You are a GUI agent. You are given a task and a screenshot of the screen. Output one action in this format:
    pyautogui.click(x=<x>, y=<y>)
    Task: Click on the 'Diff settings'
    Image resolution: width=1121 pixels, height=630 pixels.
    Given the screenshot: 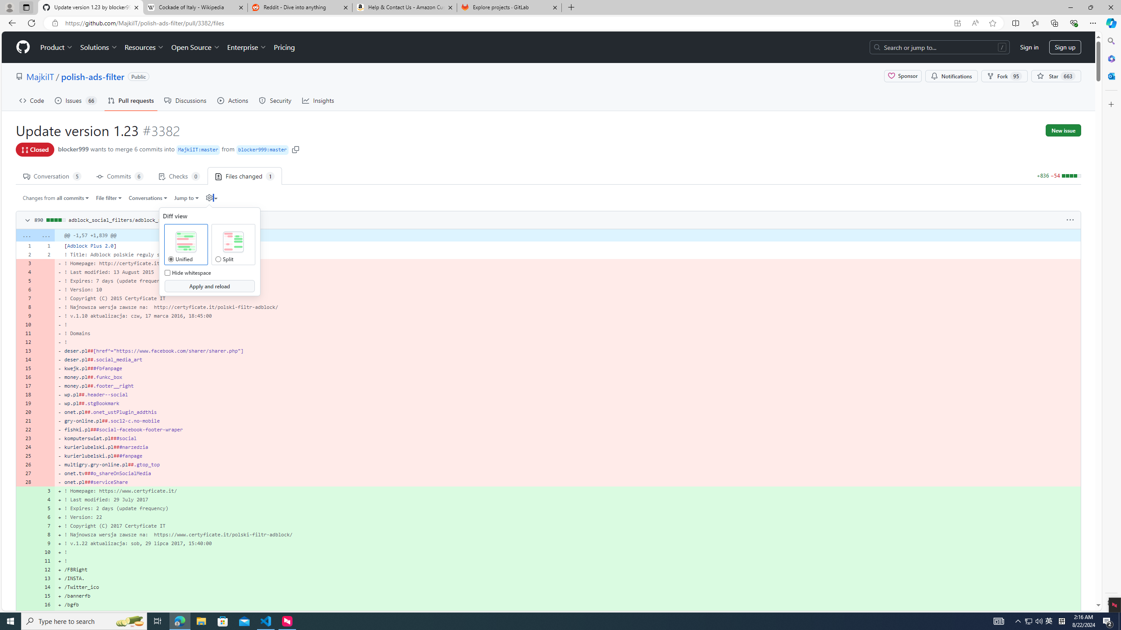 What is the action you would take?
    pyautogui.click(x=208, y=197)
    